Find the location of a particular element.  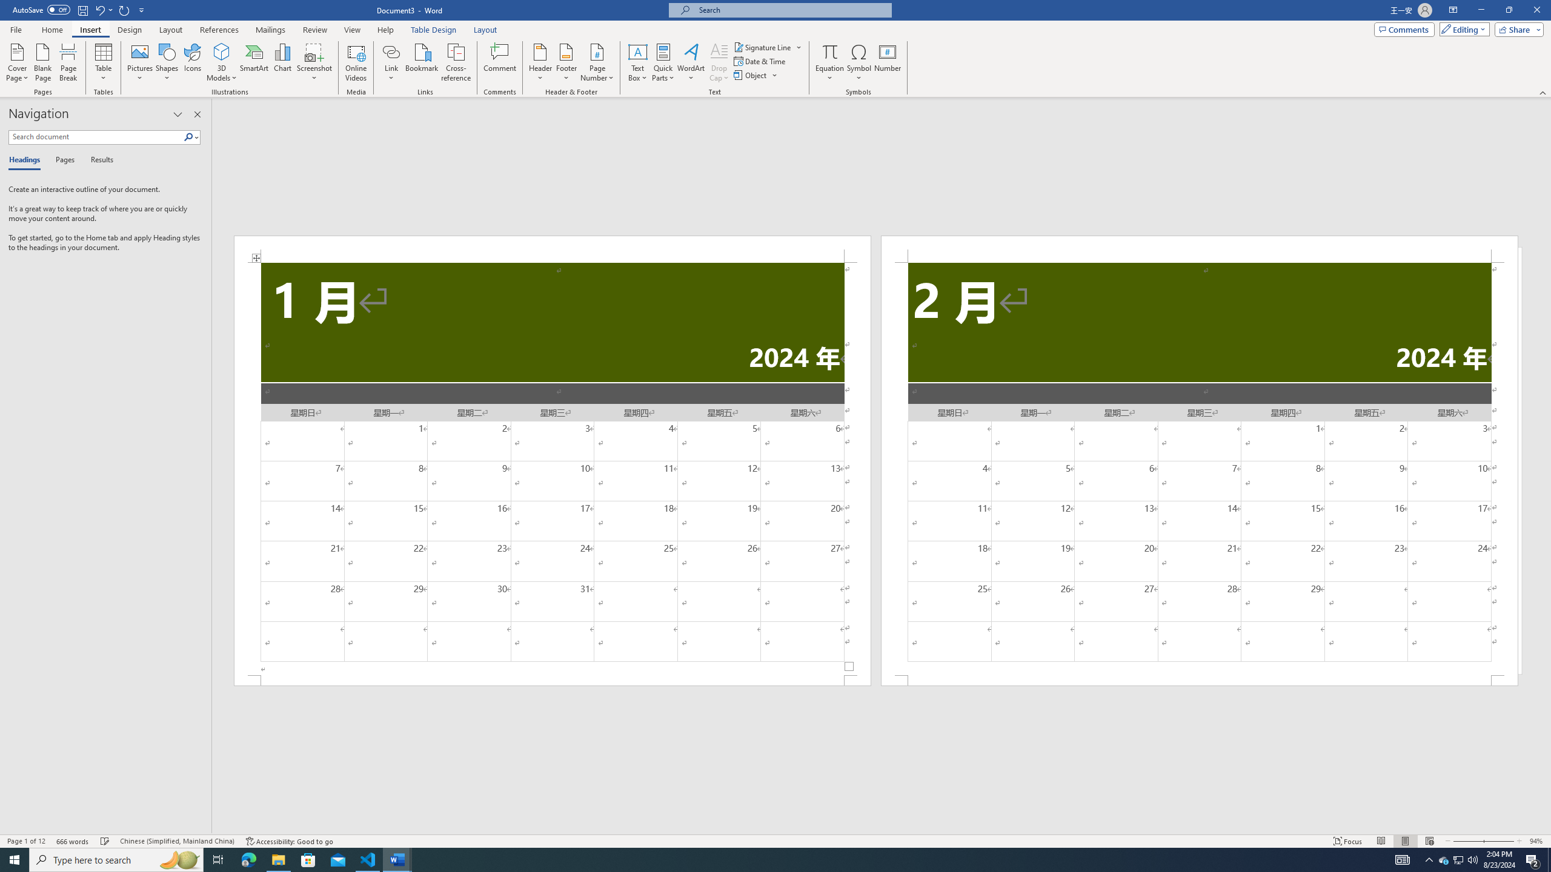

'Footer' is located at coordinates (565, 62).